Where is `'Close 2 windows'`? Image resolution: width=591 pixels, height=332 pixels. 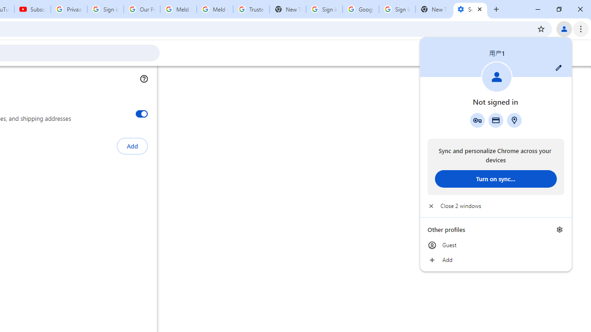 'Close 2 windows' is located at coordinates (495, 206).